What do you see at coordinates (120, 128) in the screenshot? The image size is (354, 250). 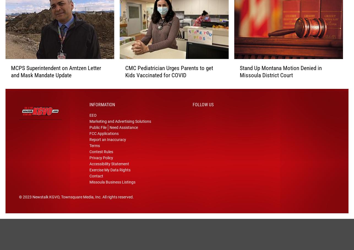 I see `'Marketing and Advertising Solutions'` at bounding box center [120, 128].